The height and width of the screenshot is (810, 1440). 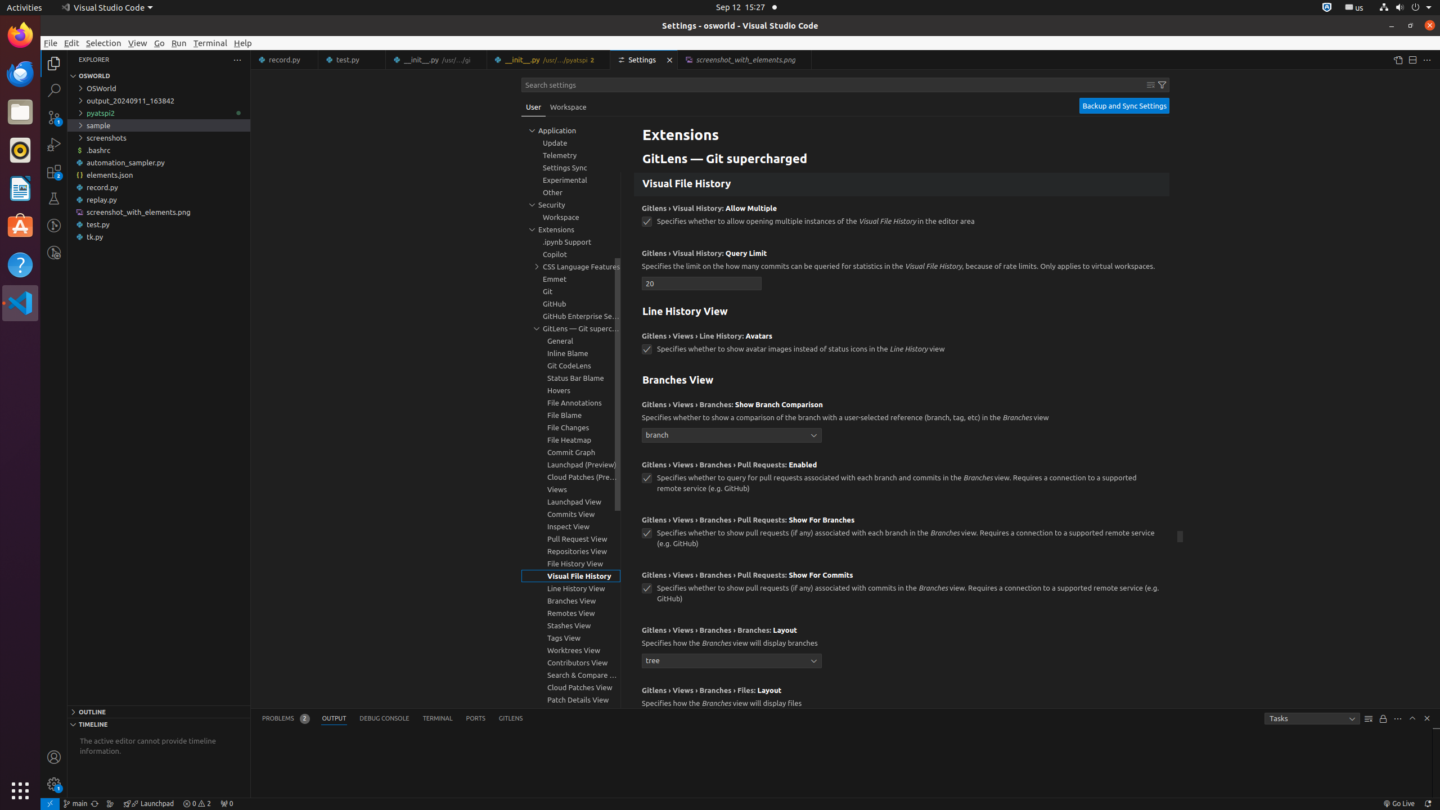 What do you see at coordinates (571, 452) in the screenshot?
I see `'Commit Graph, group'` at bounding box center [571, 452].